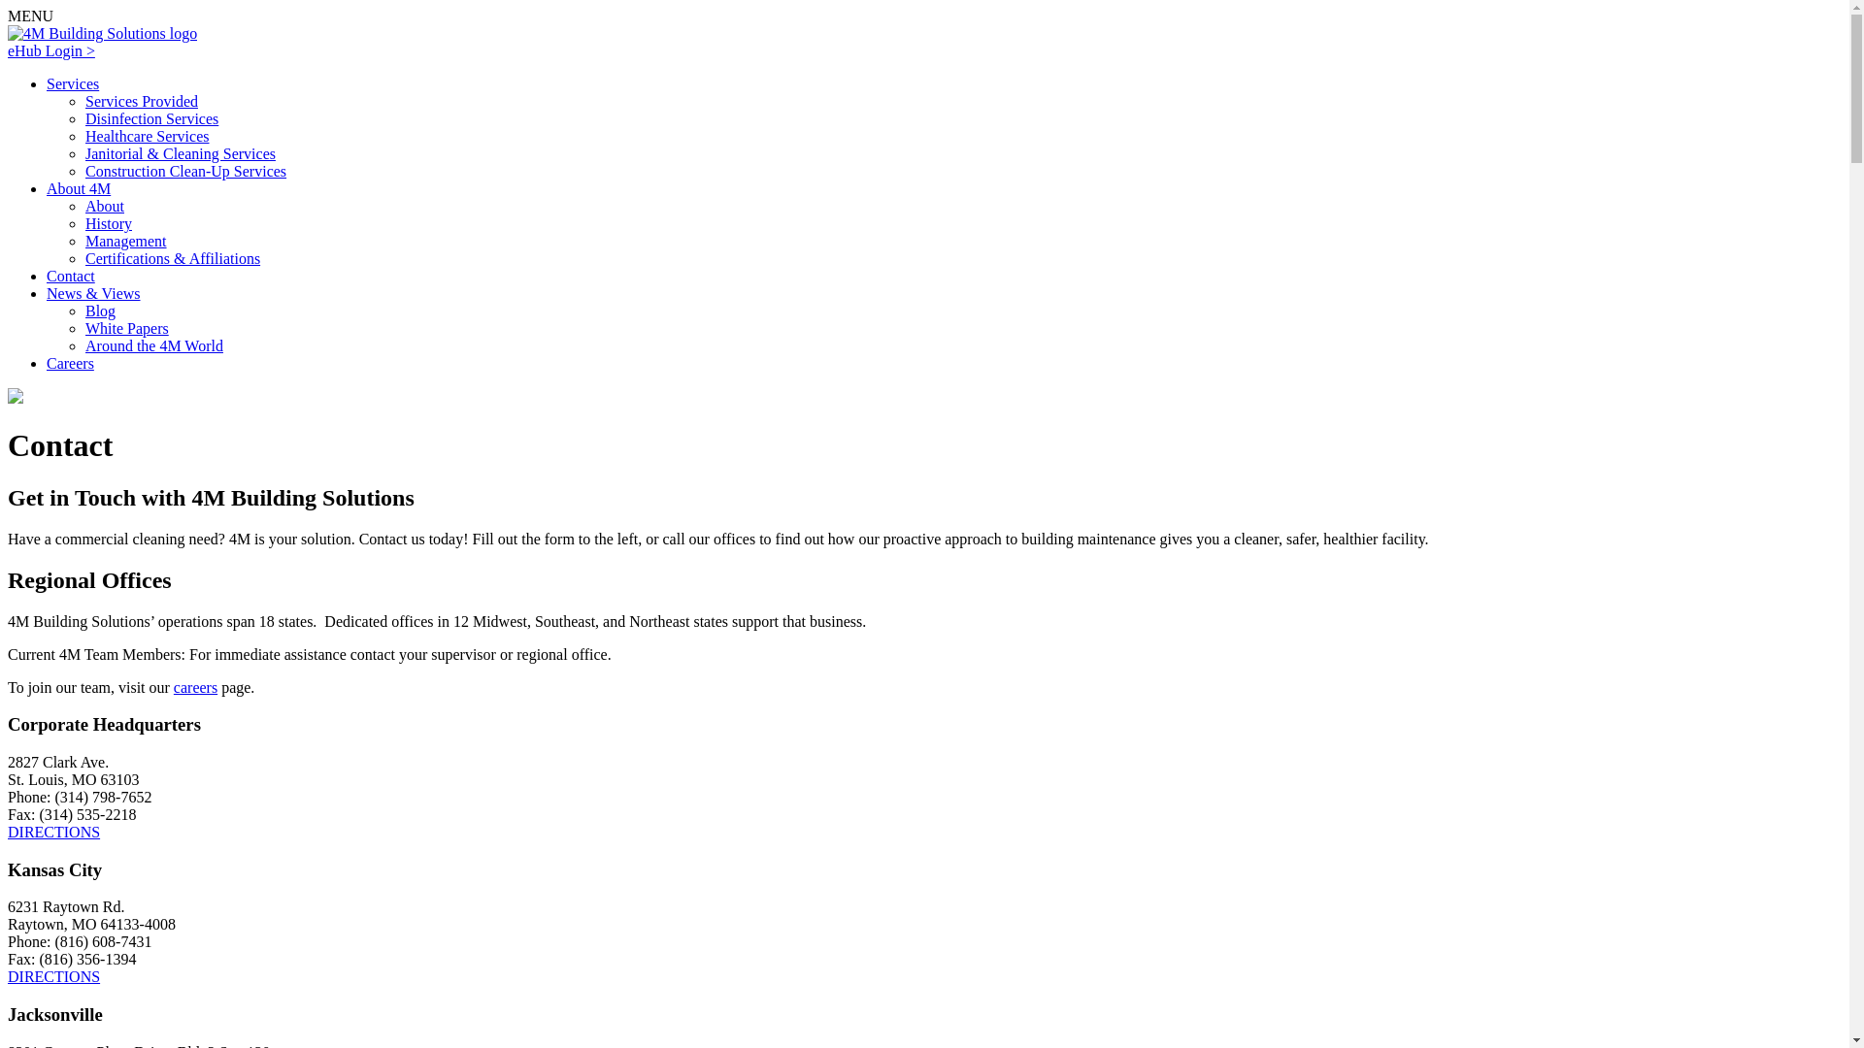 This screenshot has width=1864, height=1048. I want to click on 'Certifications & Affiliations', so click(172, 257).